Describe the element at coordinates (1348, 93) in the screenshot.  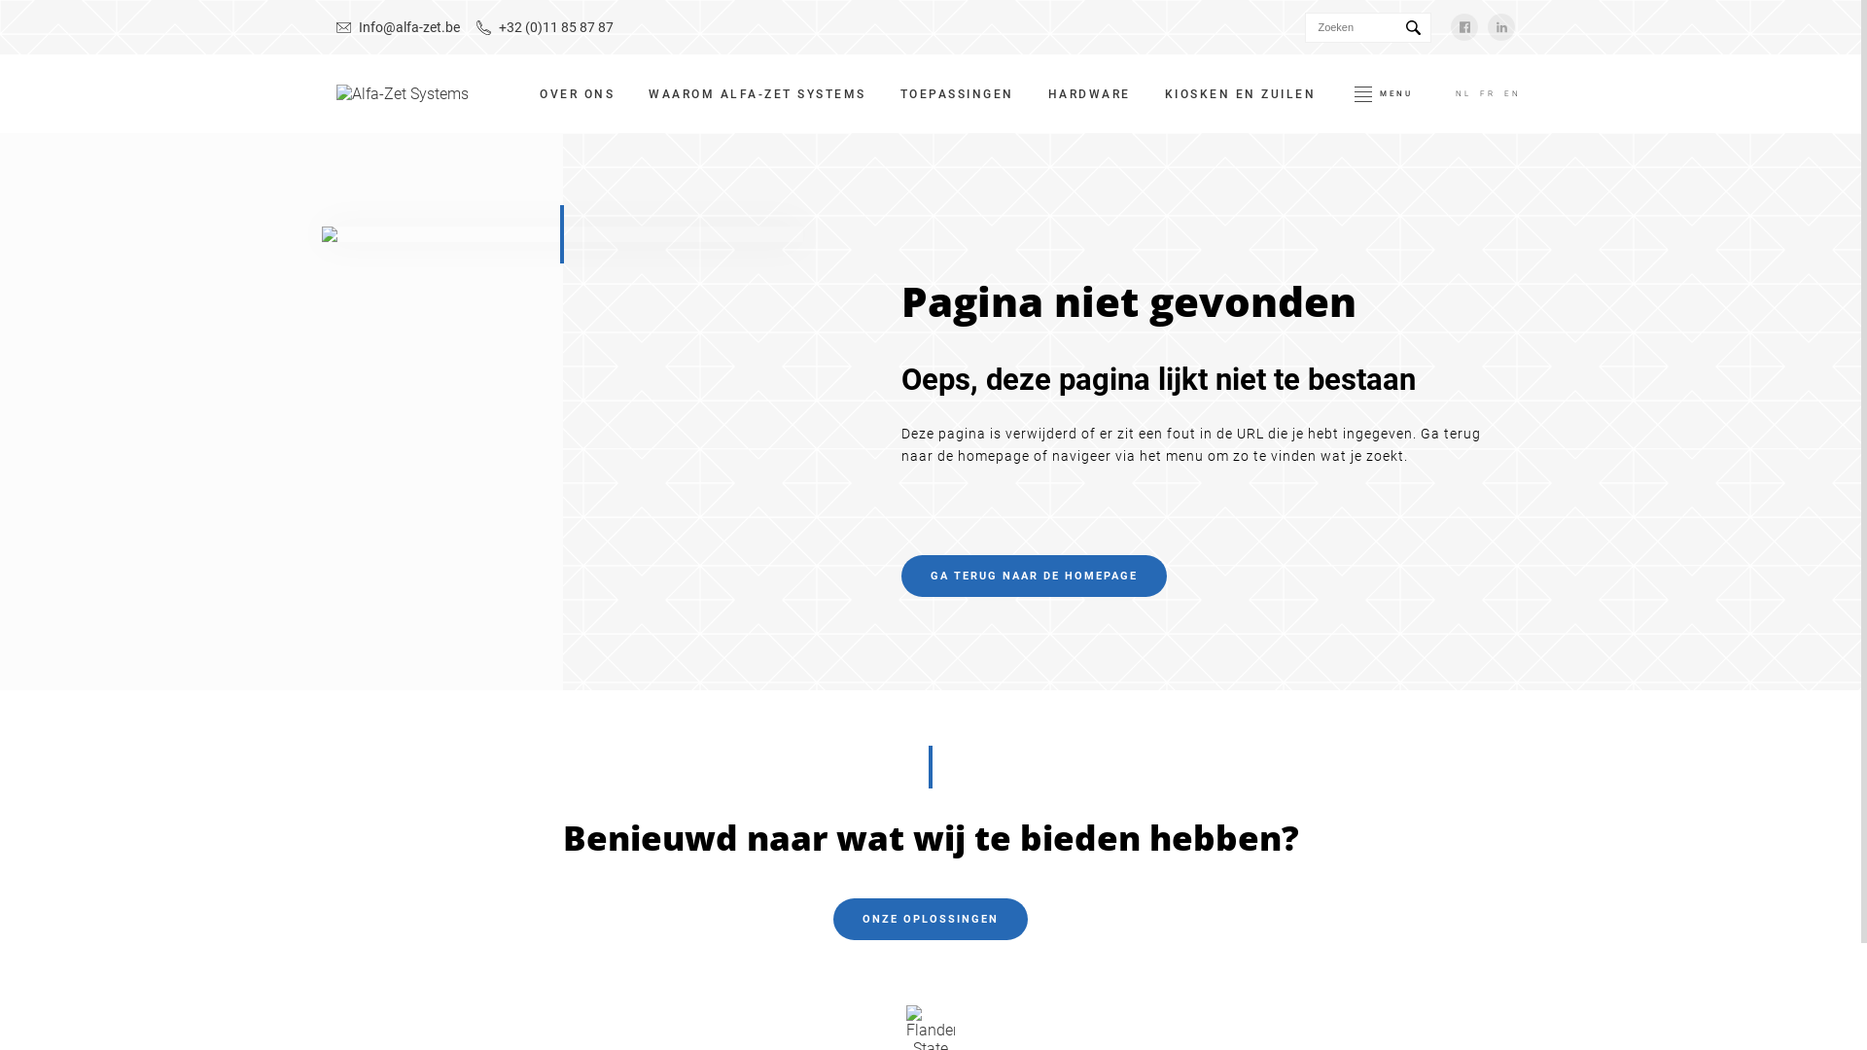
I see `'MENU'` at that location.